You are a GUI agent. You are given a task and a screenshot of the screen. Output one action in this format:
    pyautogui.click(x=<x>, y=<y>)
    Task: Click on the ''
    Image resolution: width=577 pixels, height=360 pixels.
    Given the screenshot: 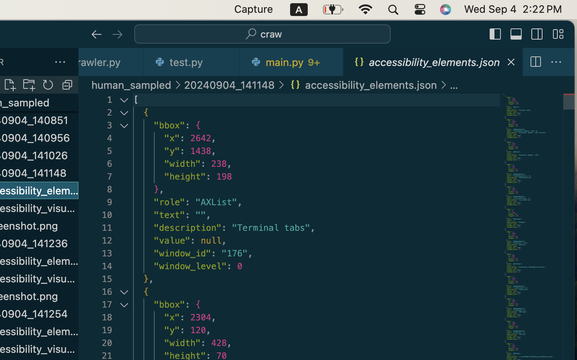 What is the action you would take?
    pyautogui.click(x=495, y=34)
    